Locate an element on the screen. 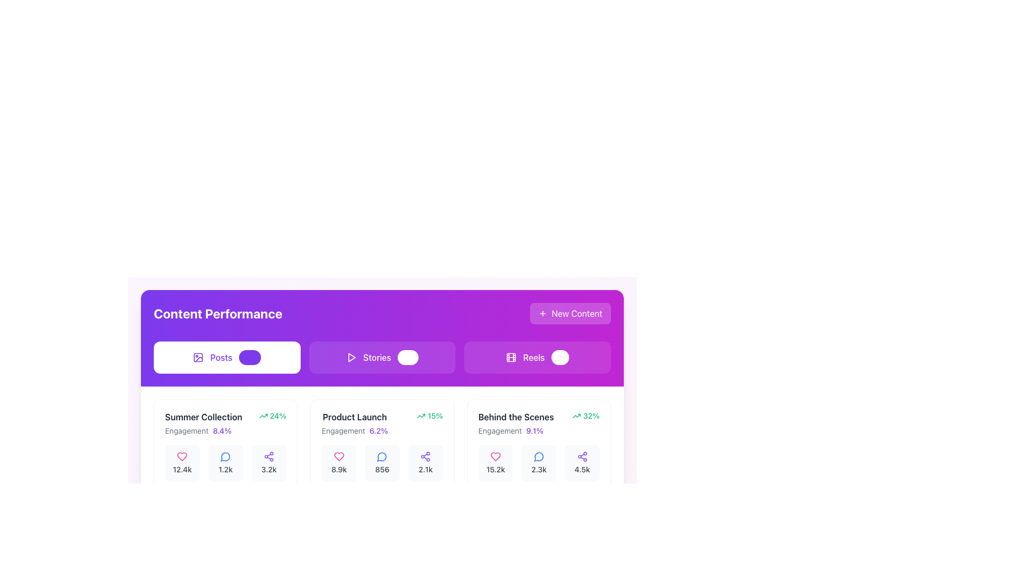  the performance data summary element for the 'Product Launch' category, which is located in the center of the second card in a row of three cards, between 'Summer Collection' and 'Behind the Scenes' is located at coordinates (382, 423).